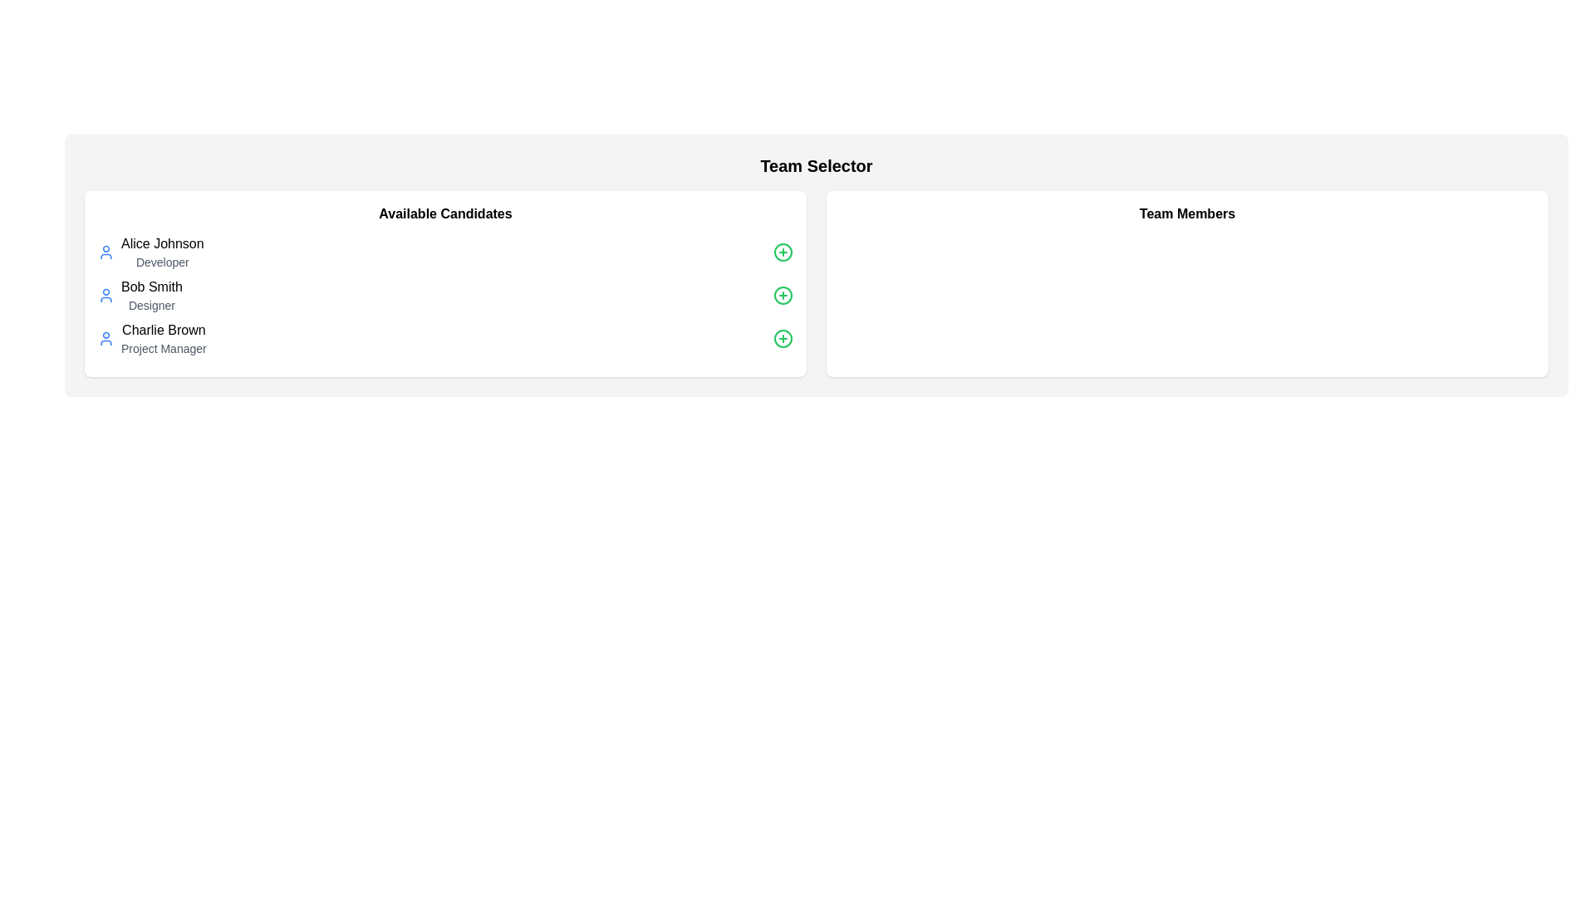  Describe the element at coordinates (445, 213) in the screenshot. I see `the bolded heading 'Available Candidates'` at that location.